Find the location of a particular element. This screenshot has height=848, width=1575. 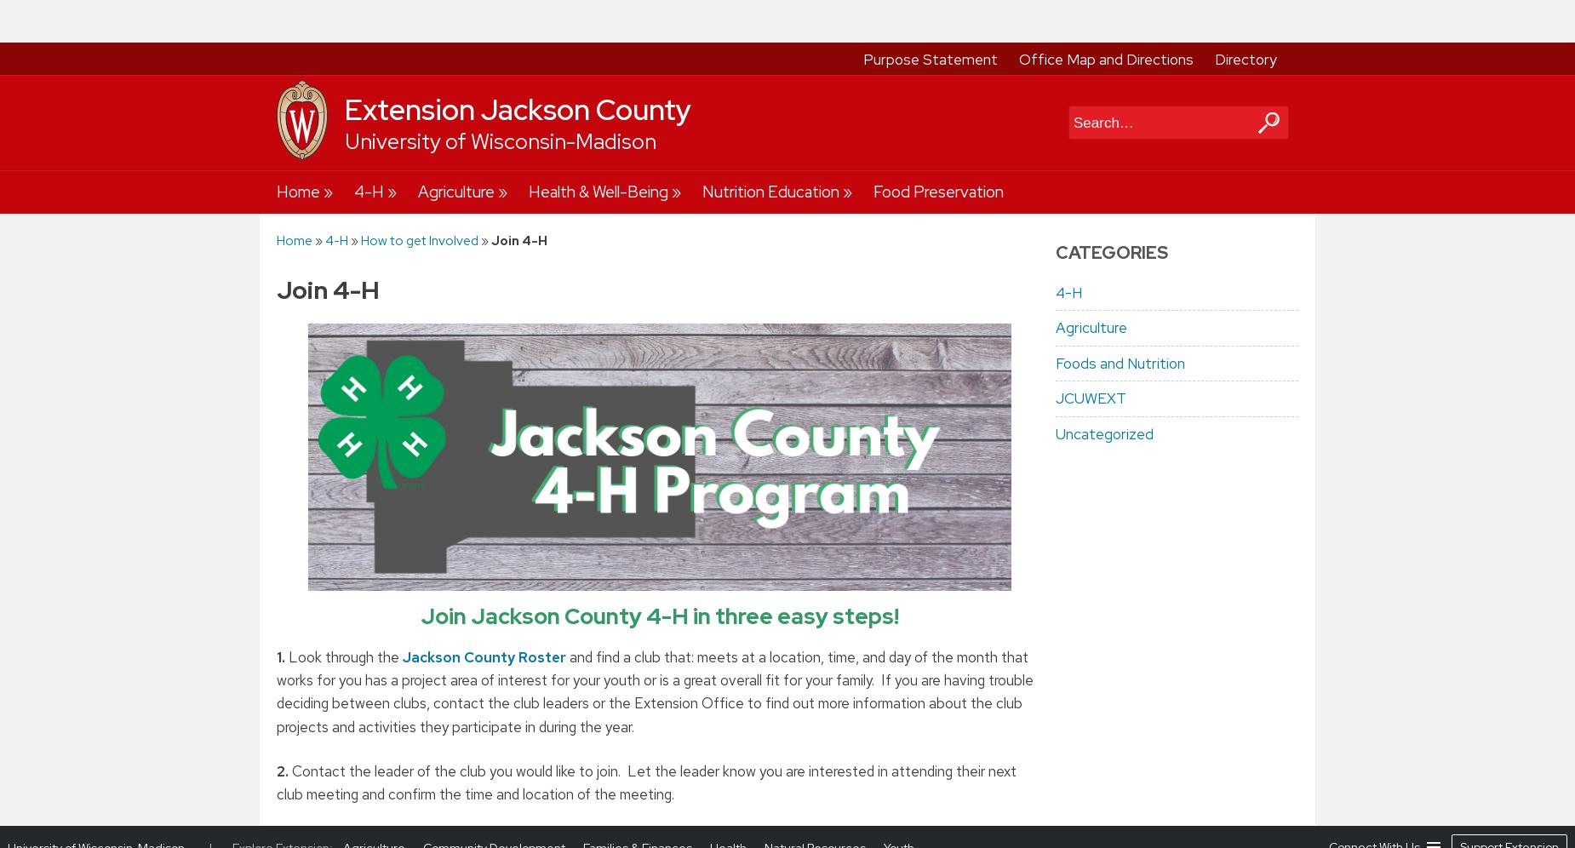

'University of Wisconsin-Madison' is located at coordinates (7, 20).